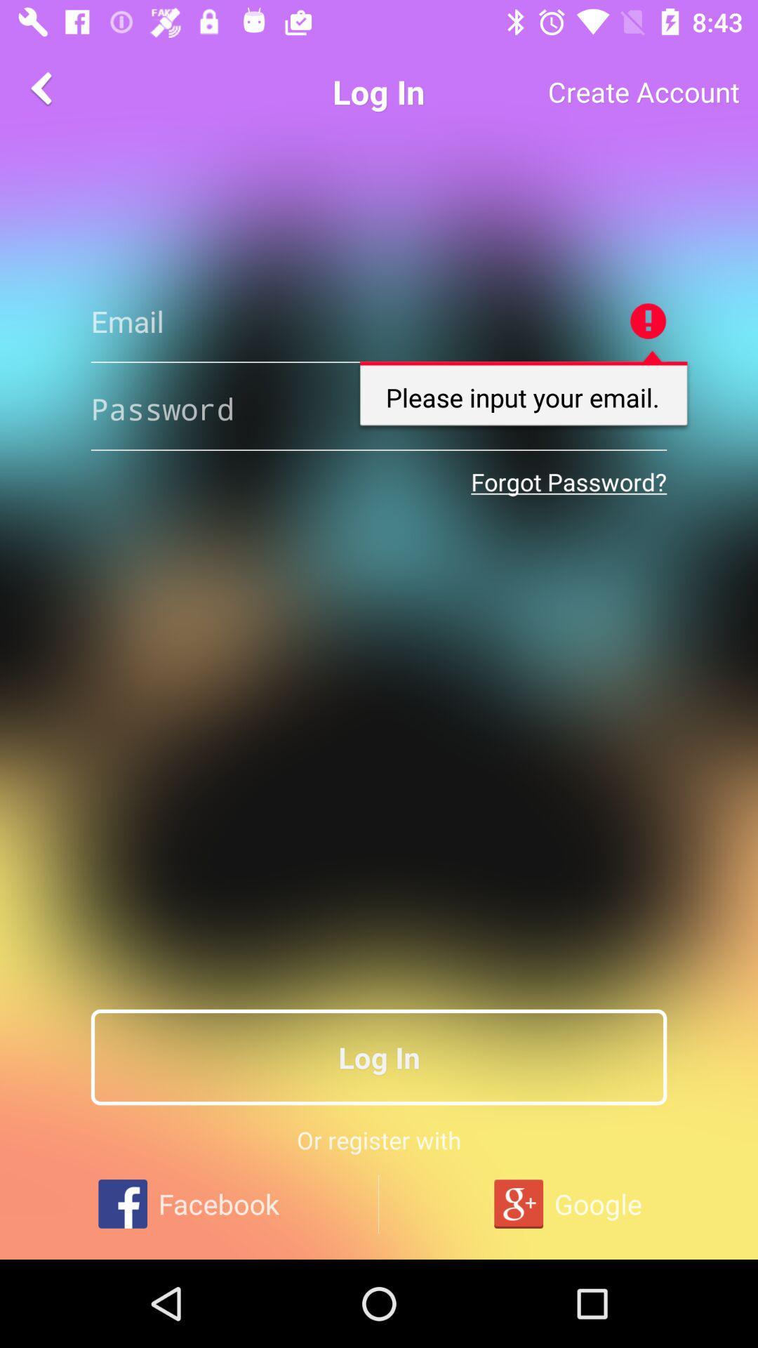 Image resolution: width=758 pixels, height=1348 pixels. I want to click on password section, so click(379, 408).